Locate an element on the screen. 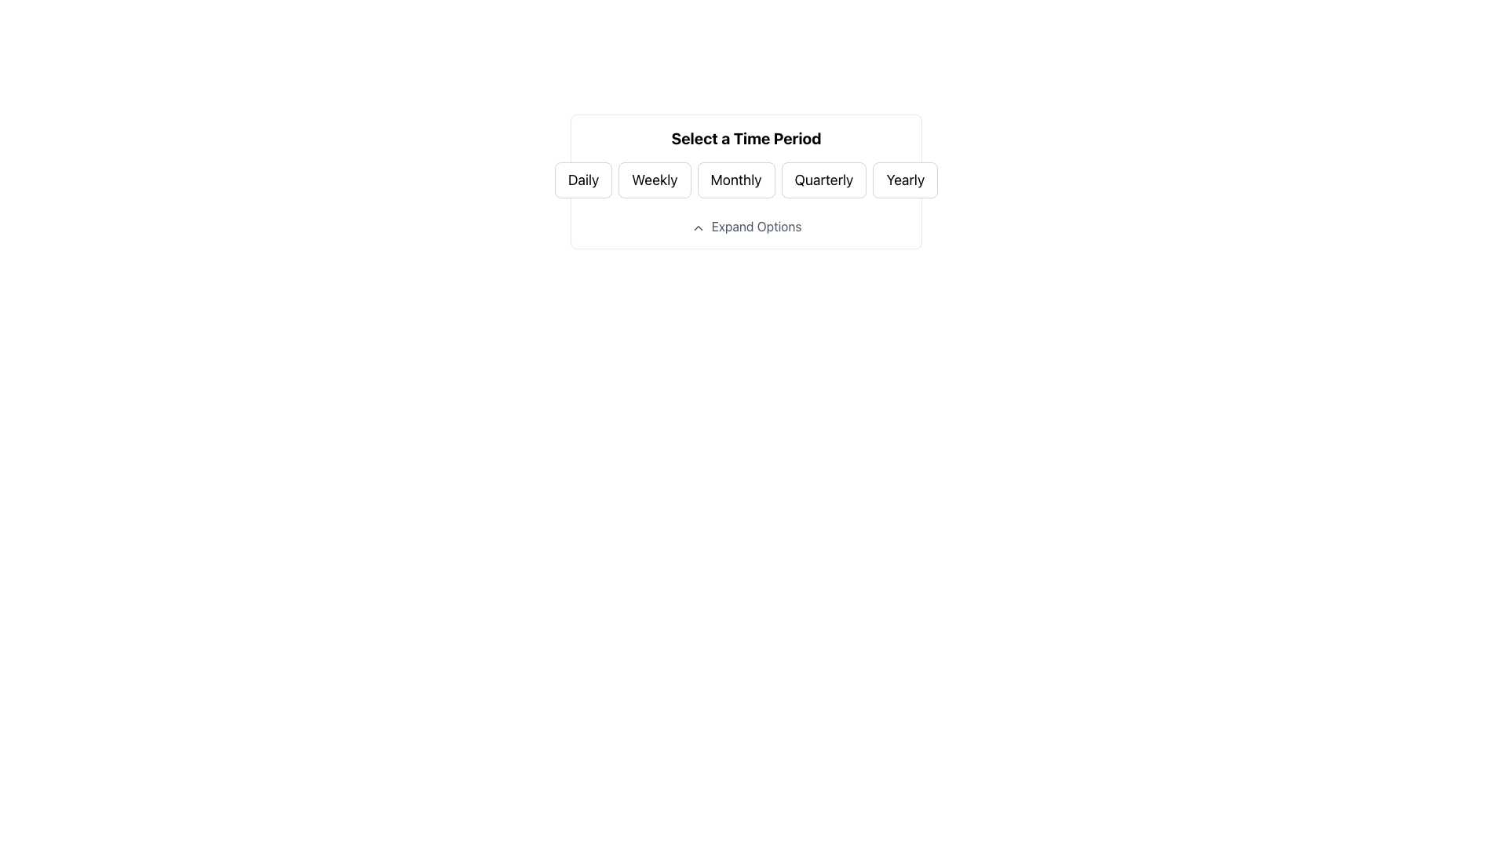 The image size is (1507, 847). the toggle button located below the time period buttons is located at coordinates (745, 227).